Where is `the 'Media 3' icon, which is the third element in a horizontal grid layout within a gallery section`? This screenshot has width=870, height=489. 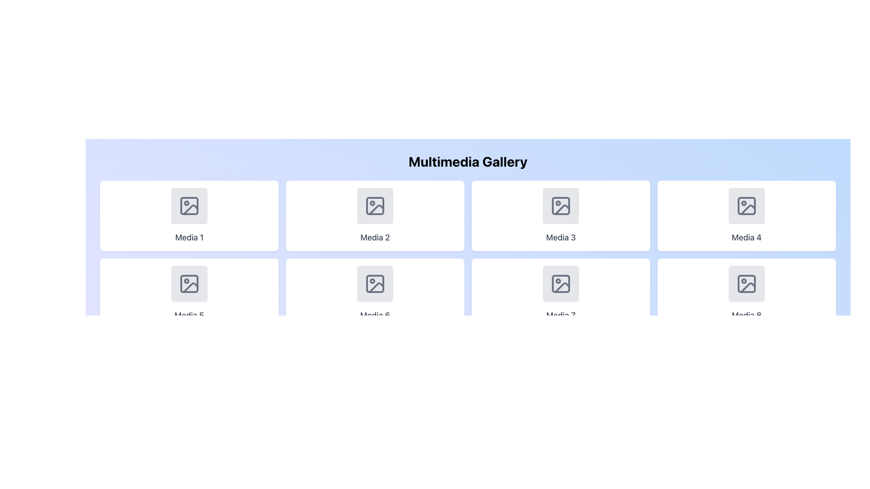 the 'Media 3' icon, which is the third element in a horizontal grid layout within a gallery section is located at coordinates (561, 206).